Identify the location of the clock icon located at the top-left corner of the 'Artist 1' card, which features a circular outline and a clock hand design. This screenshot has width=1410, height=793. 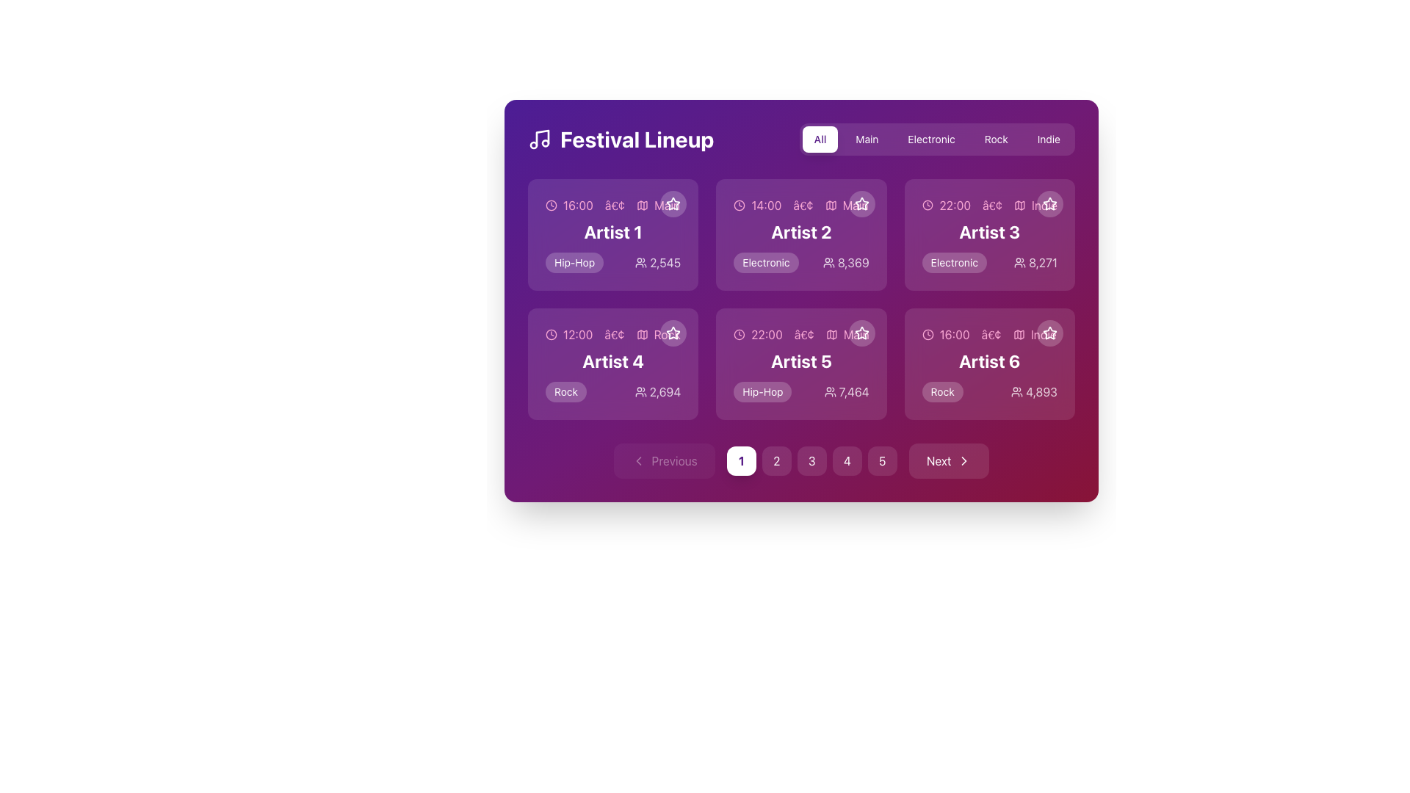
(550, 206).